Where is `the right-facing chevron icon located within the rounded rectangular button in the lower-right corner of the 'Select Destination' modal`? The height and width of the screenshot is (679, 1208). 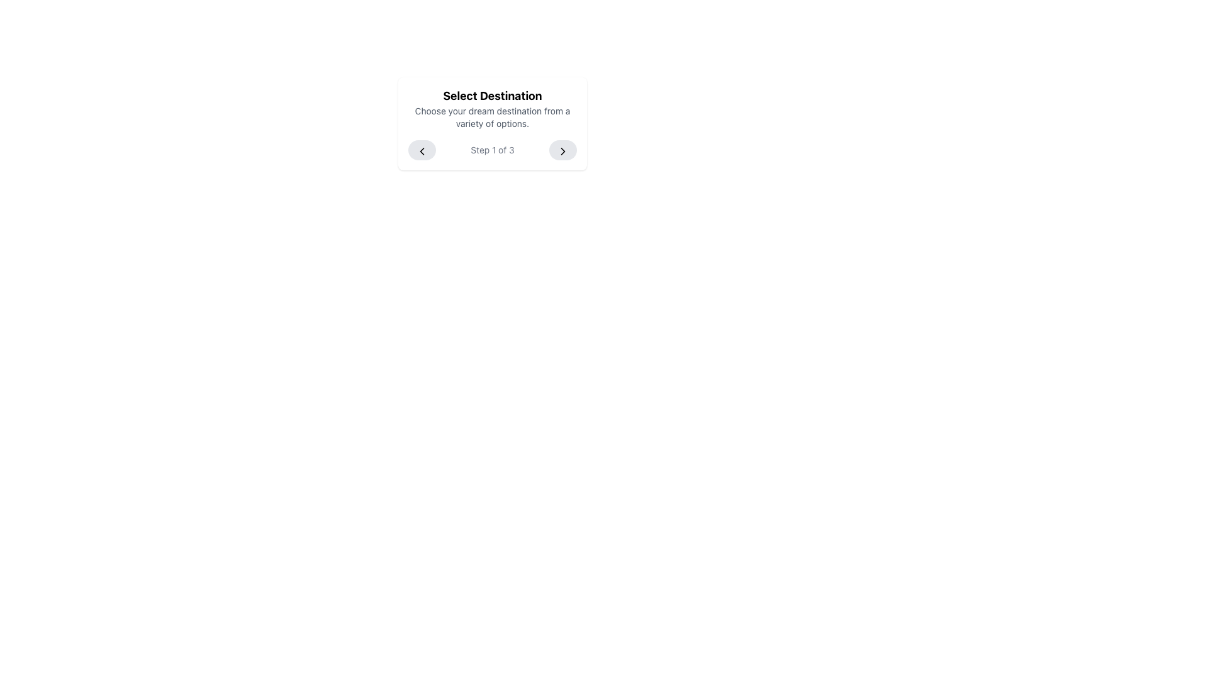
the right-facing chevron icon located within the rounded rectangular button in the lower-right corner of the 'Select Destination' modal is located at coordinates (562, 150).